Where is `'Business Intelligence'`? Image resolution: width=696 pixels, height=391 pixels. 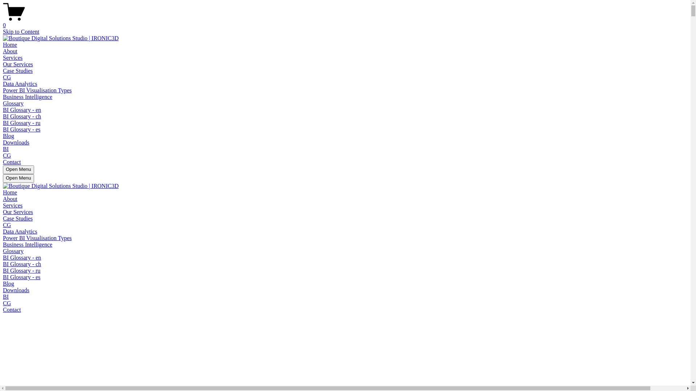 'Business Intelligence' is located at coordinates (28, 96).